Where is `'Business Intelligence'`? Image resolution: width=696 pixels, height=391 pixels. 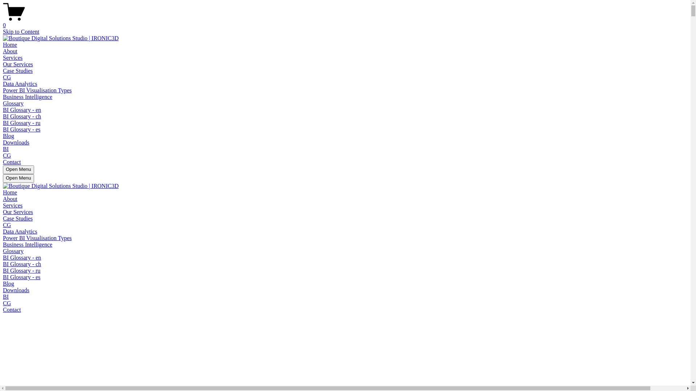 'Business Intelligence' is located at coordinates (28, 96).